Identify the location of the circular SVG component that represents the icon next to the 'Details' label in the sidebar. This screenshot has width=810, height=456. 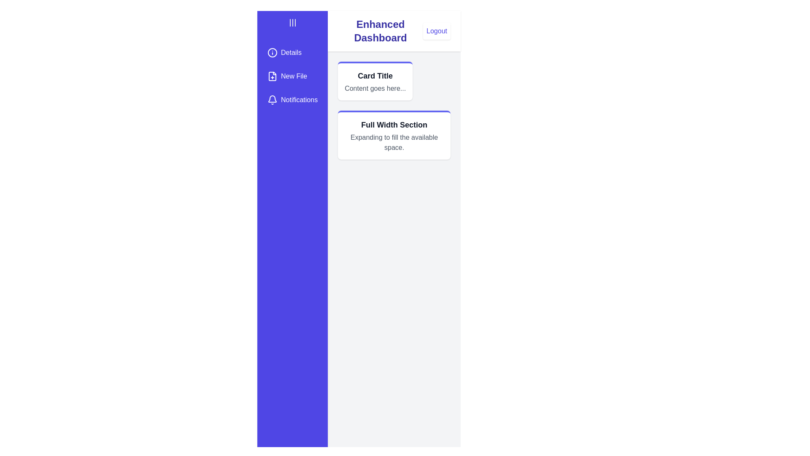
(273, 52).